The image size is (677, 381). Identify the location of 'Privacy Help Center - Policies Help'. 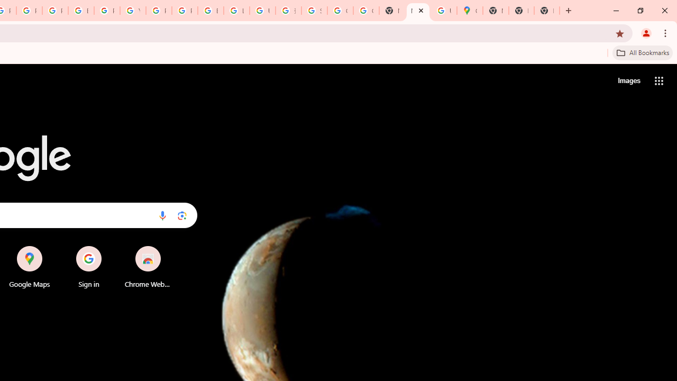
(29, 11).